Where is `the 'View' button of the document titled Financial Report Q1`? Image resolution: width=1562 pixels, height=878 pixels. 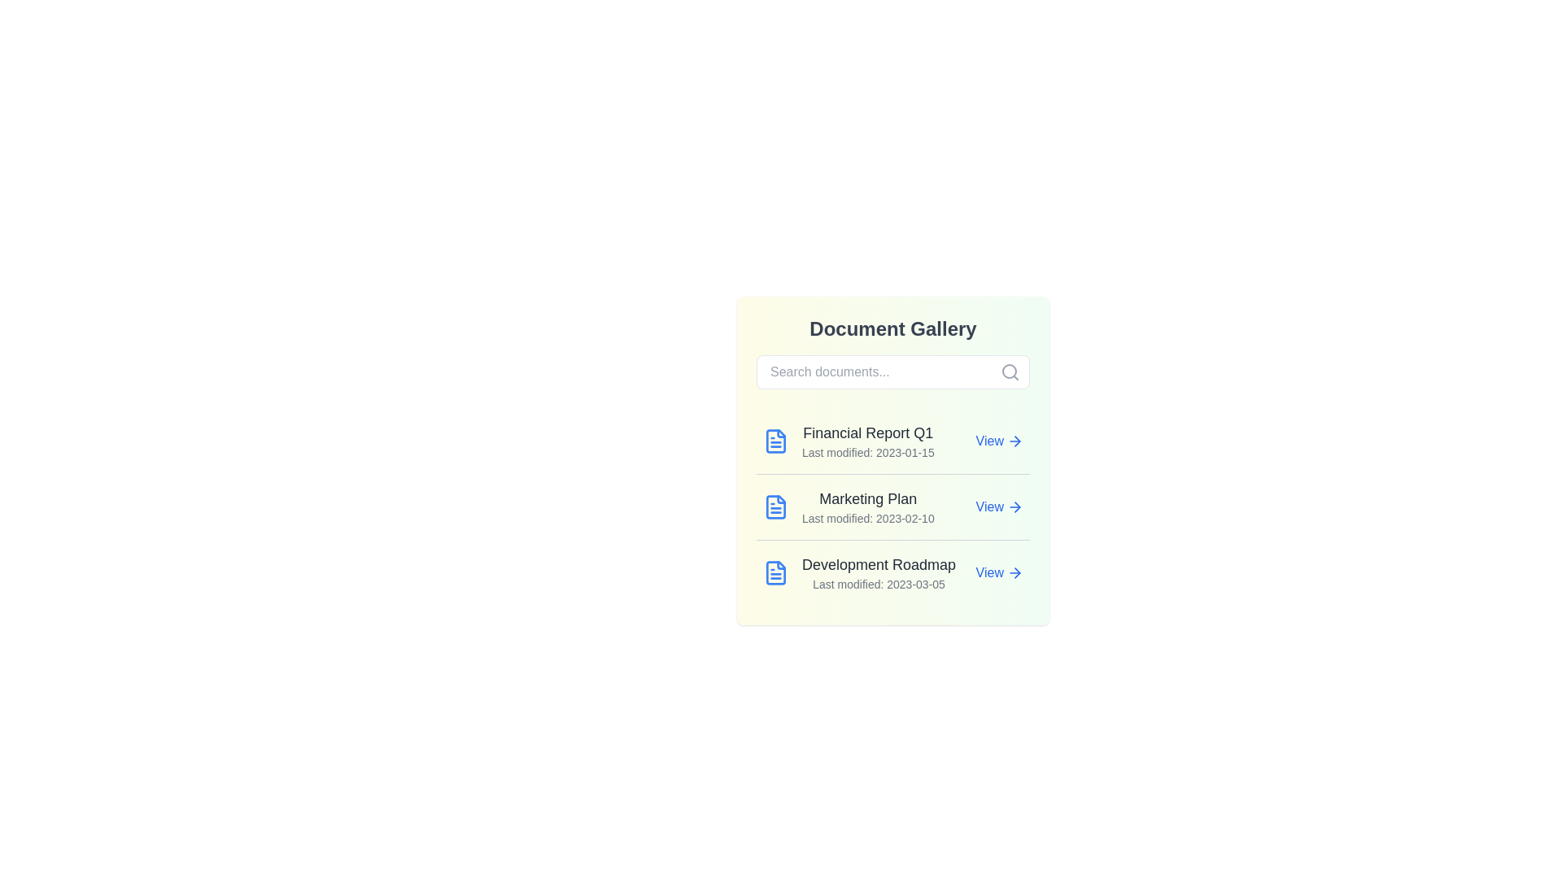
the 'View' button of the document titled Financial Report Q1 is located at coordinates (998, 441).